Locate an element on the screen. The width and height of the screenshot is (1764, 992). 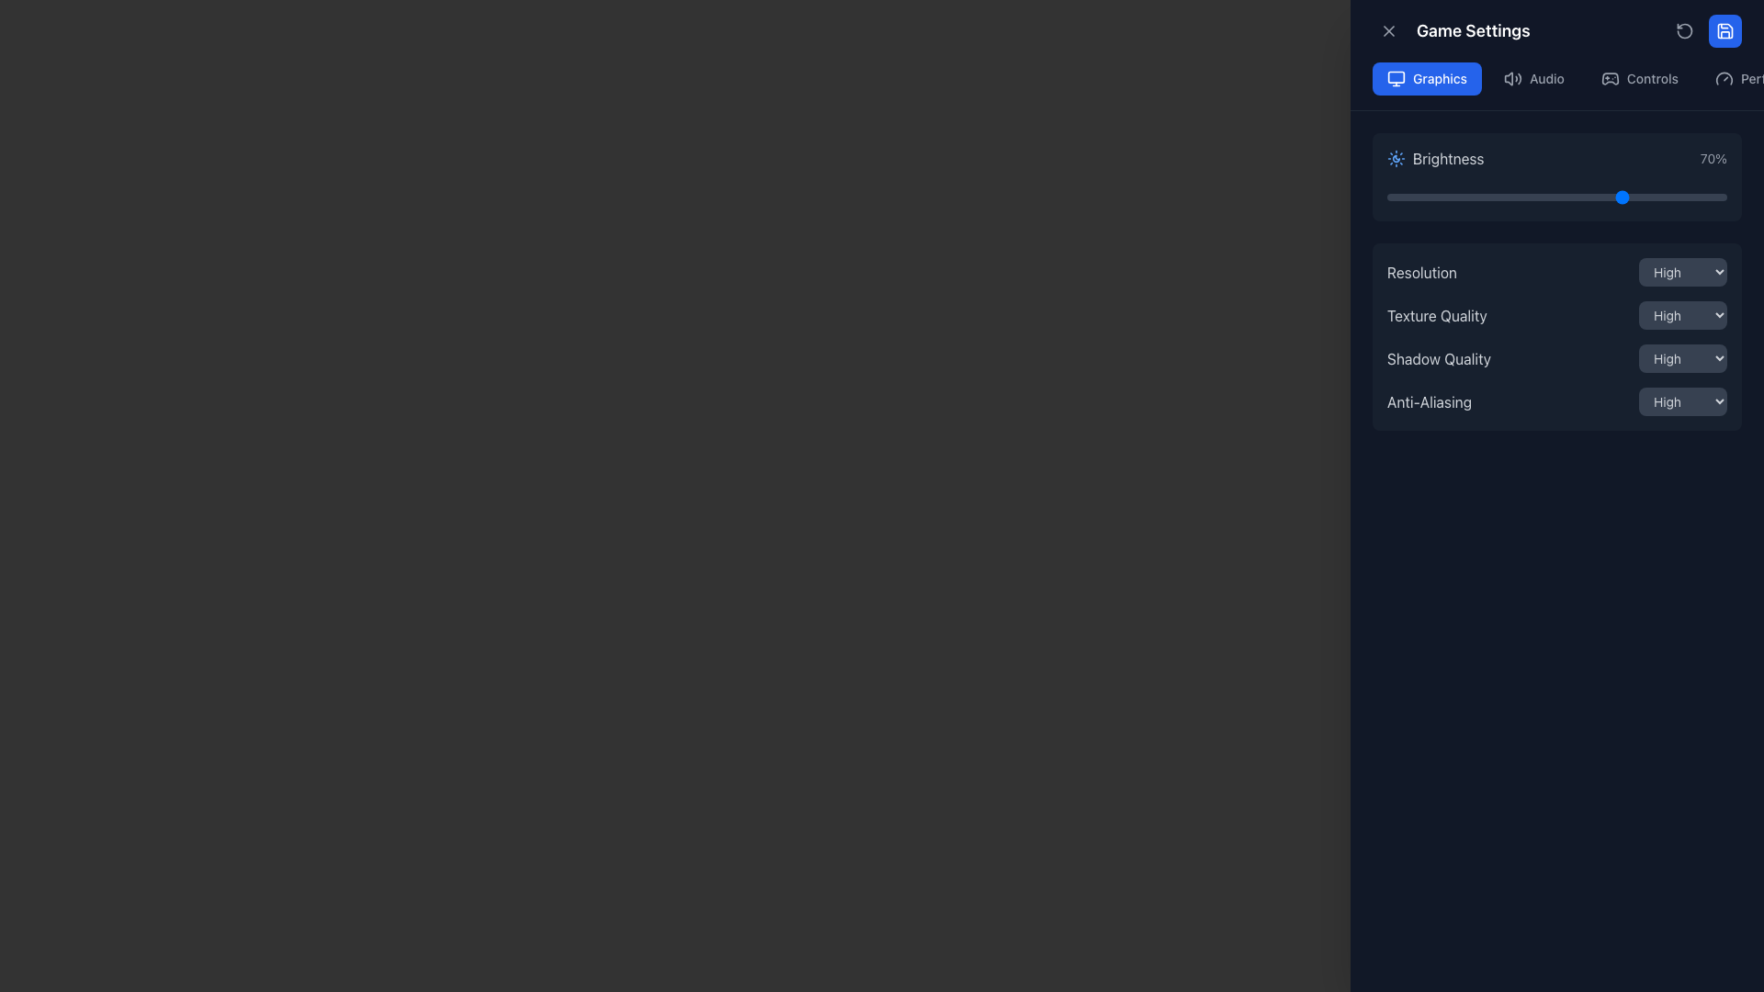
brightness is located at coordinates (1423, 197).